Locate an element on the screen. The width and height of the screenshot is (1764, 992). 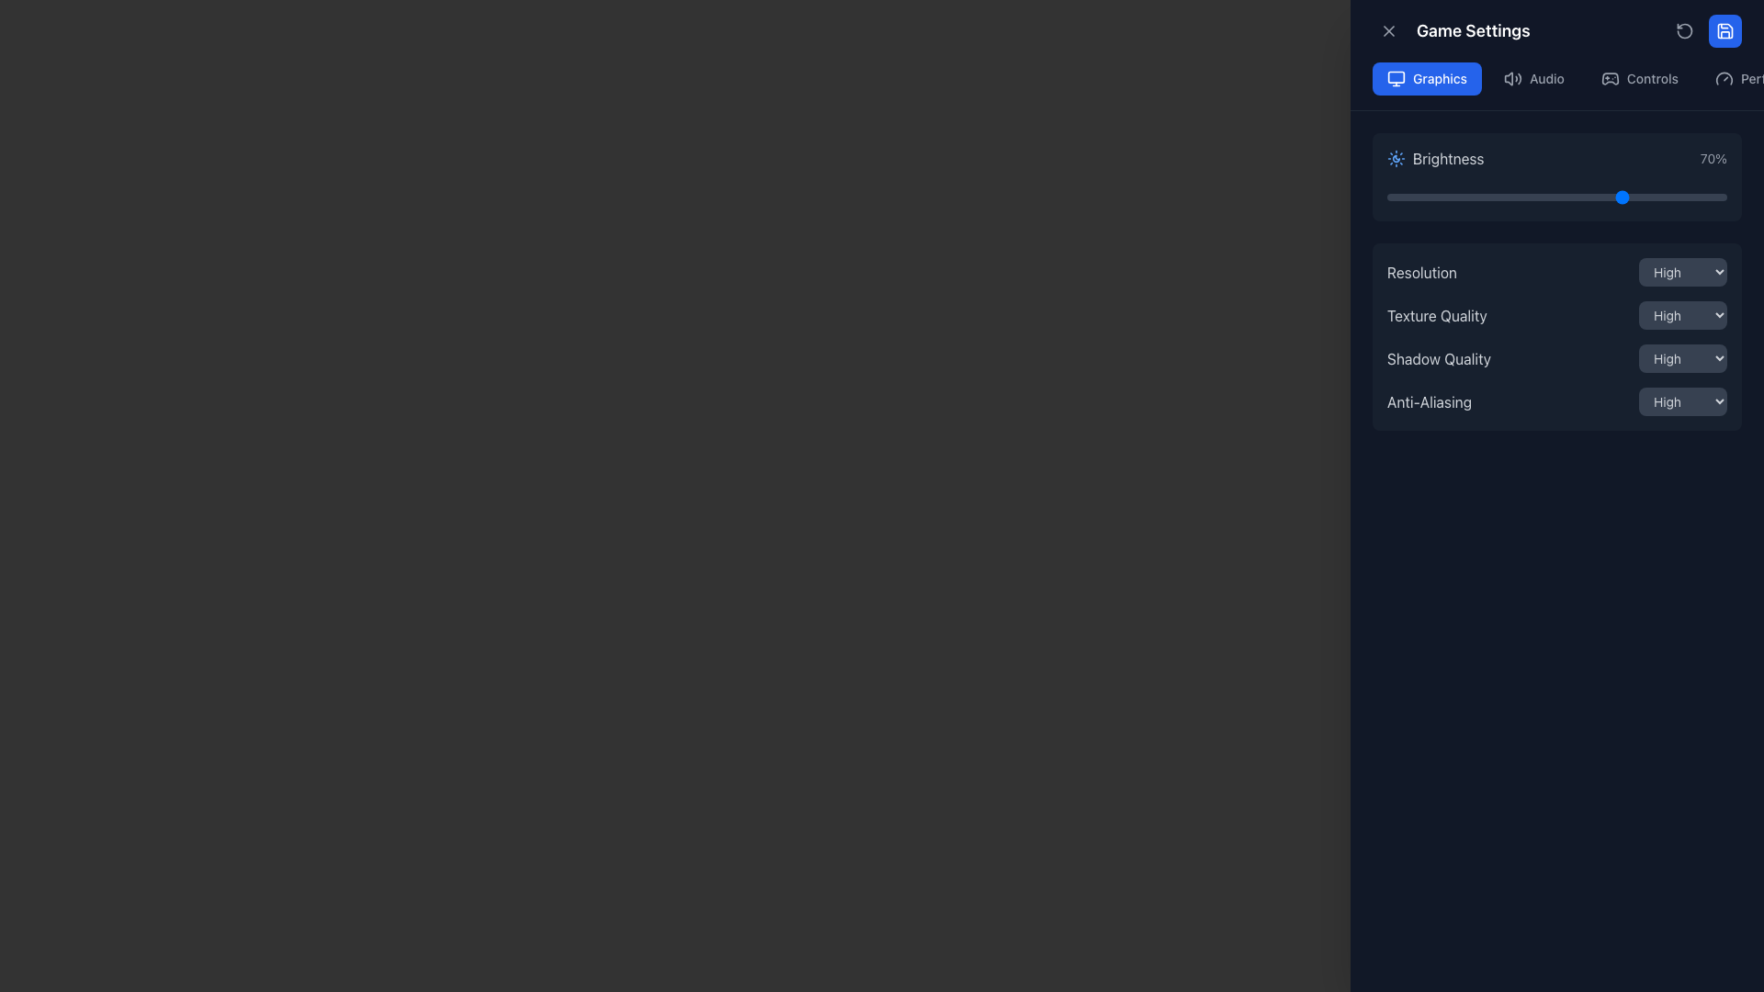
brightness is located at coordinates (1423, 197).